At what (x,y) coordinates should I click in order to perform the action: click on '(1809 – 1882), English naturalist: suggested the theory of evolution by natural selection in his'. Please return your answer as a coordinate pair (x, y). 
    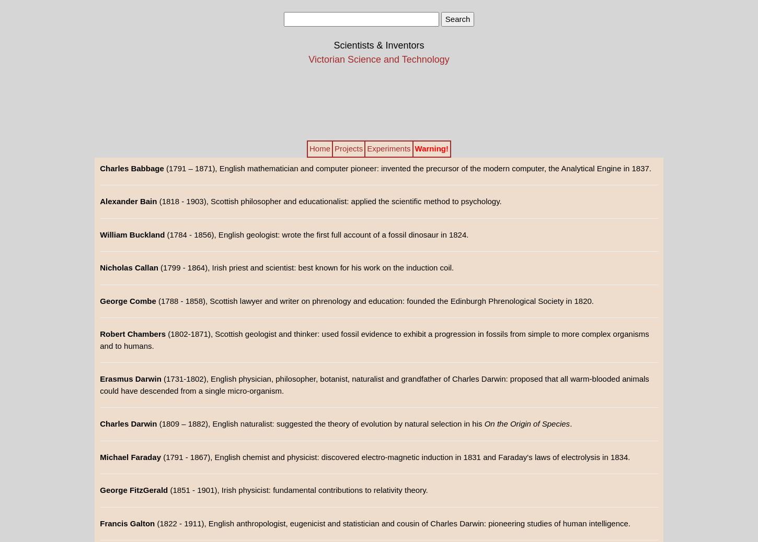
    Looking at the image, I should click on (320, 423).